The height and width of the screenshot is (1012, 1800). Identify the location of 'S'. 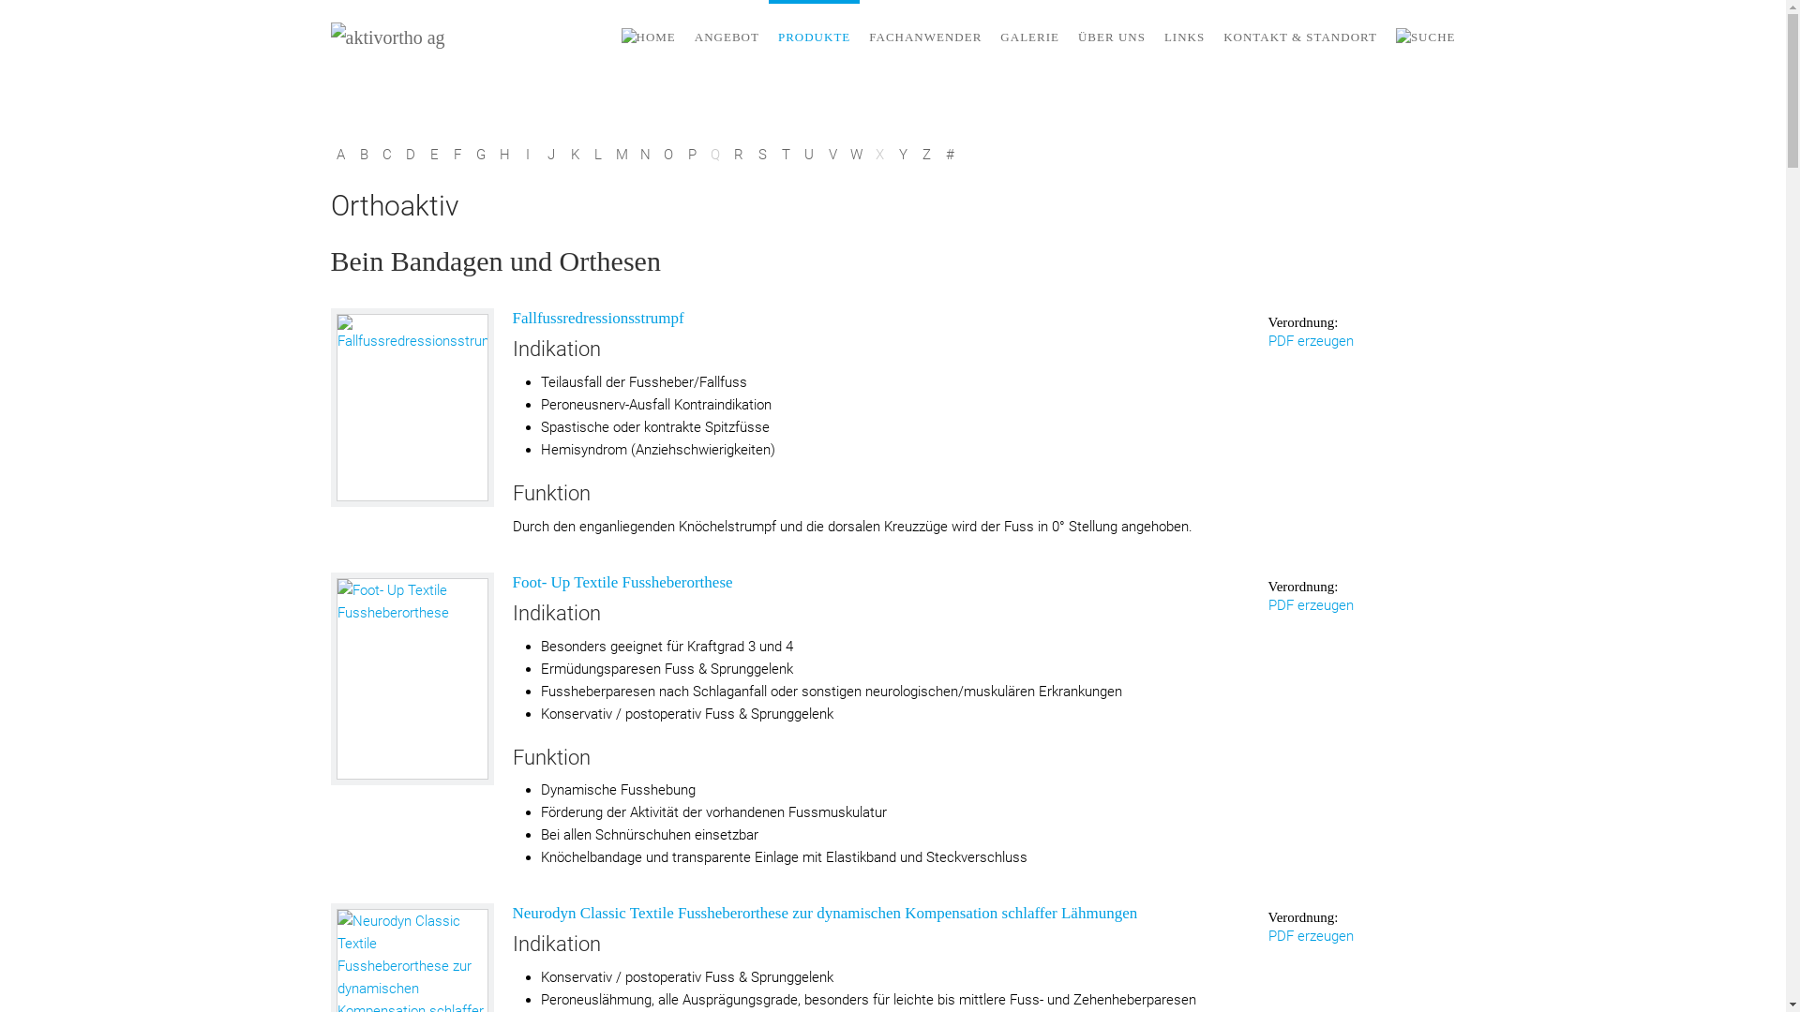
(761, 154).